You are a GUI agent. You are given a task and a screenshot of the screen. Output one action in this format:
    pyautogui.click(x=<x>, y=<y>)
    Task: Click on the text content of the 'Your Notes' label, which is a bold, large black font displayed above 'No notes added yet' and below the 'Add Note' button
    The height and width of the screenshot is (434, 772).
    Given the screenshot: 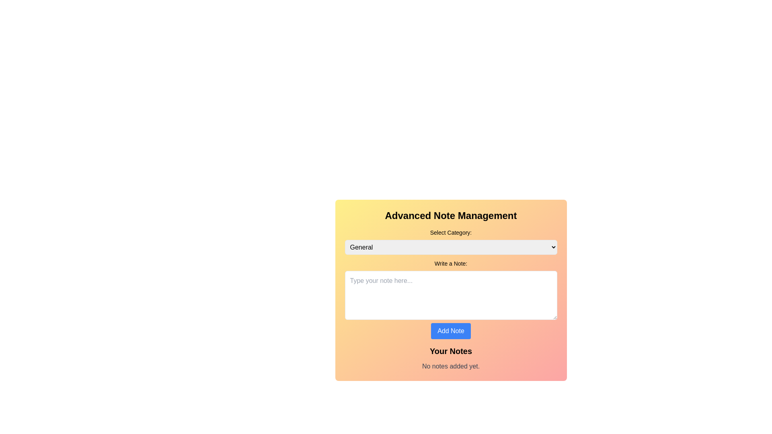 What is the action you would take?
    pyautogui.click(x=451, y=351)
    